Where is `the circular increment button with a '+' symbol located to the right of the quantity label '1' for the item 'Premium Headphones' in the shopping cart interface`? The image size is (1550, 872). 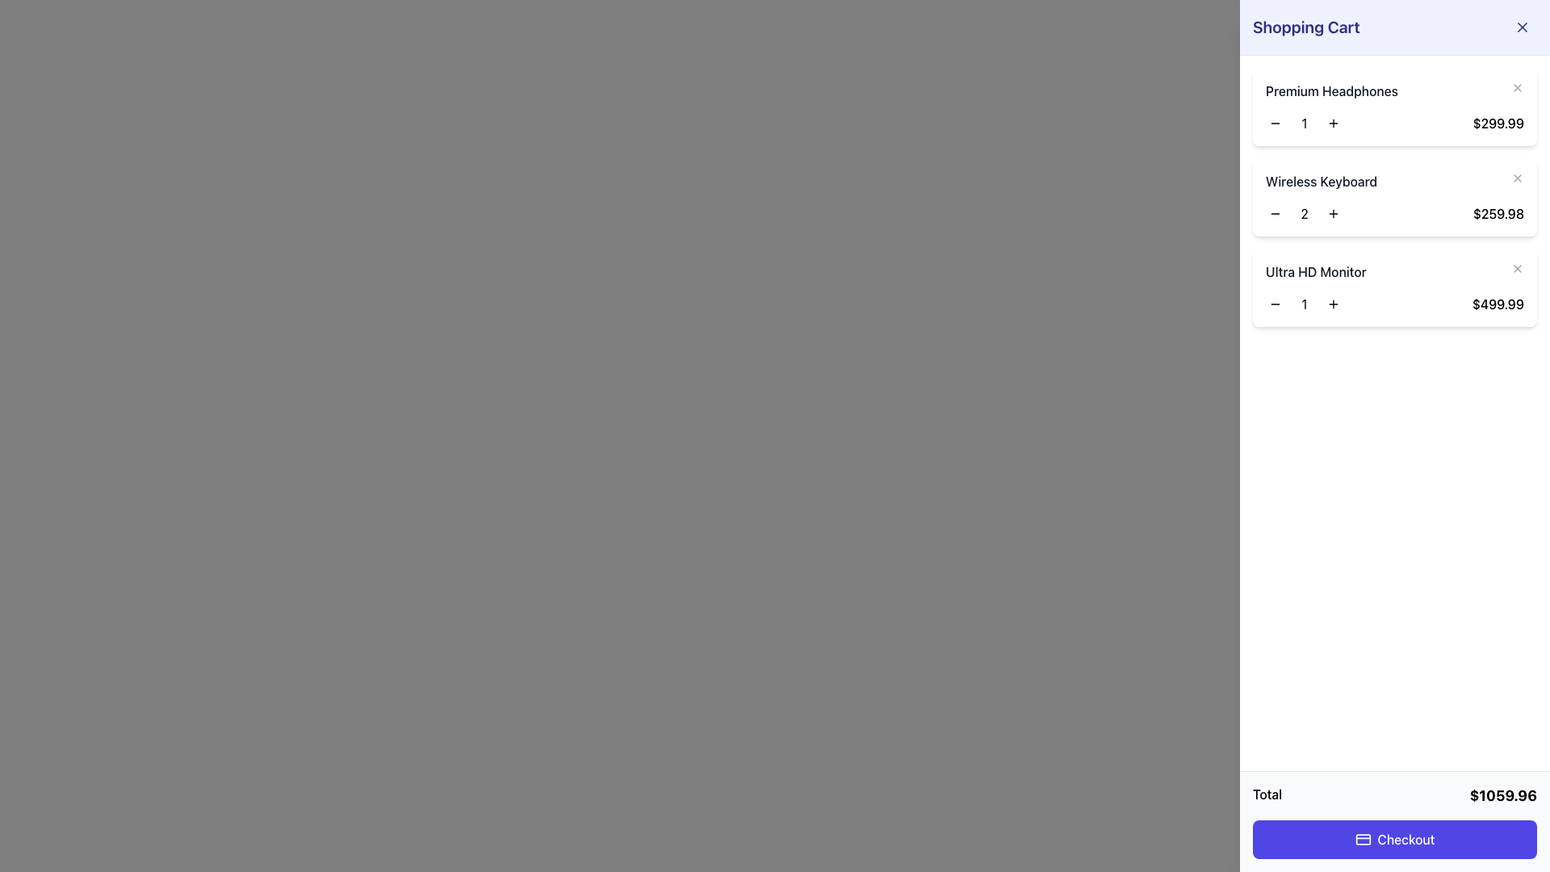
the circular increment button with a '+' symbol located to the right of the quantity label '1' for the item 'Premium Headphones' in the shopping cart interface is located at coordinates (1333, 123).